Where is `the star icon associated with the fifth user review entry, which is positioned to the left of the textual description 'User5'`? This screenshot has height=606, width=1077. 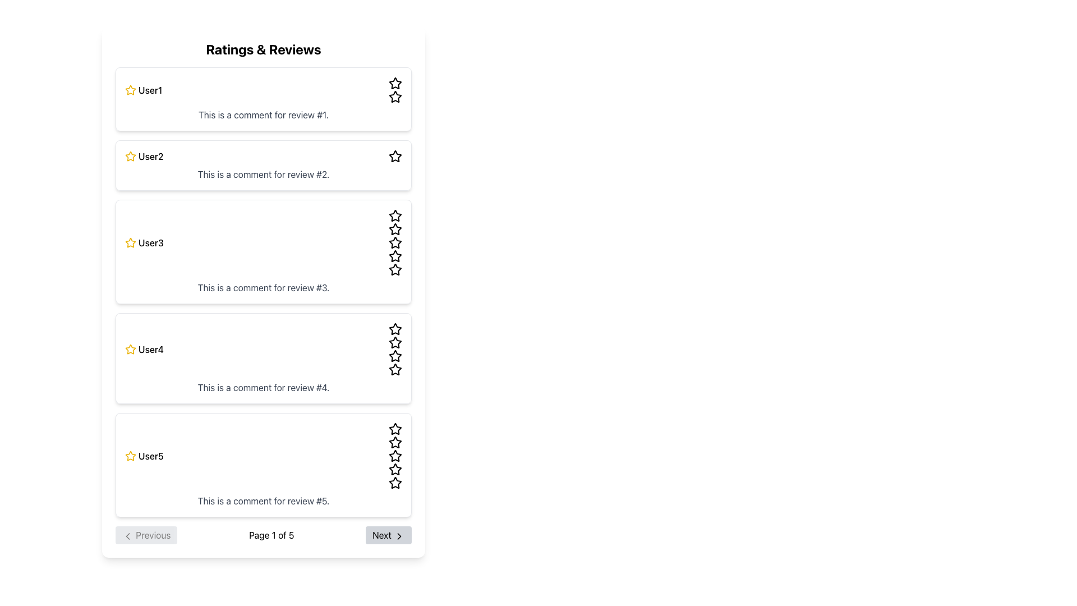
the star icon associated with the fifth user review entry, which is positioned to the left of the textual description 'User5' is located at coordinates (131, 456).